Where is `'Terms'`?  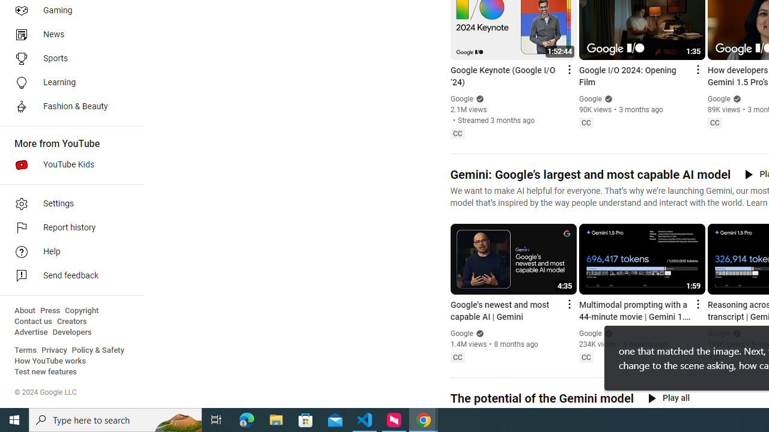 'Terms' is located at coordinates (25, 350).